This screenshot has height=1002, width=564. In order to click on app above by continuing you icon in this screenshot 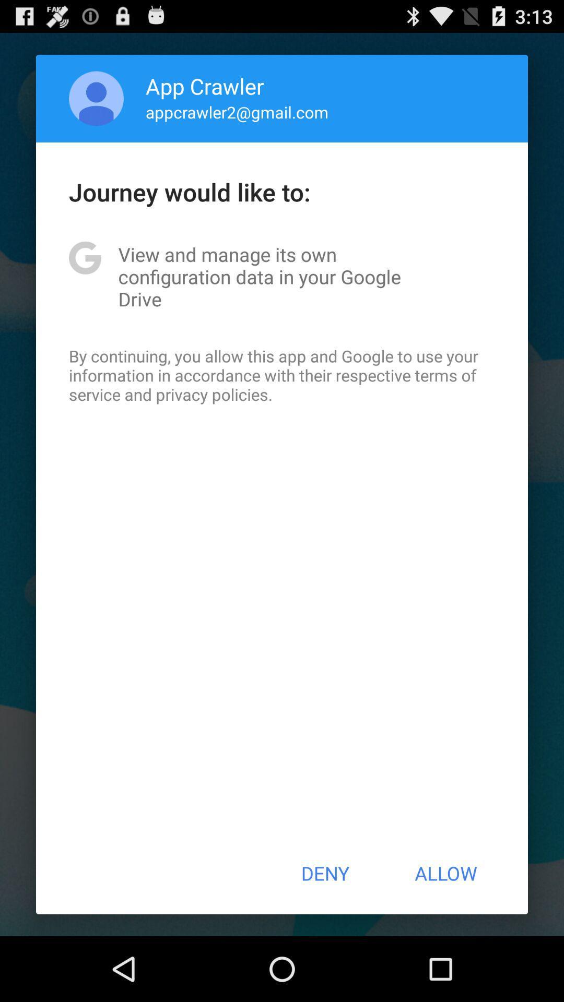, I will do `click(282, 277)`.